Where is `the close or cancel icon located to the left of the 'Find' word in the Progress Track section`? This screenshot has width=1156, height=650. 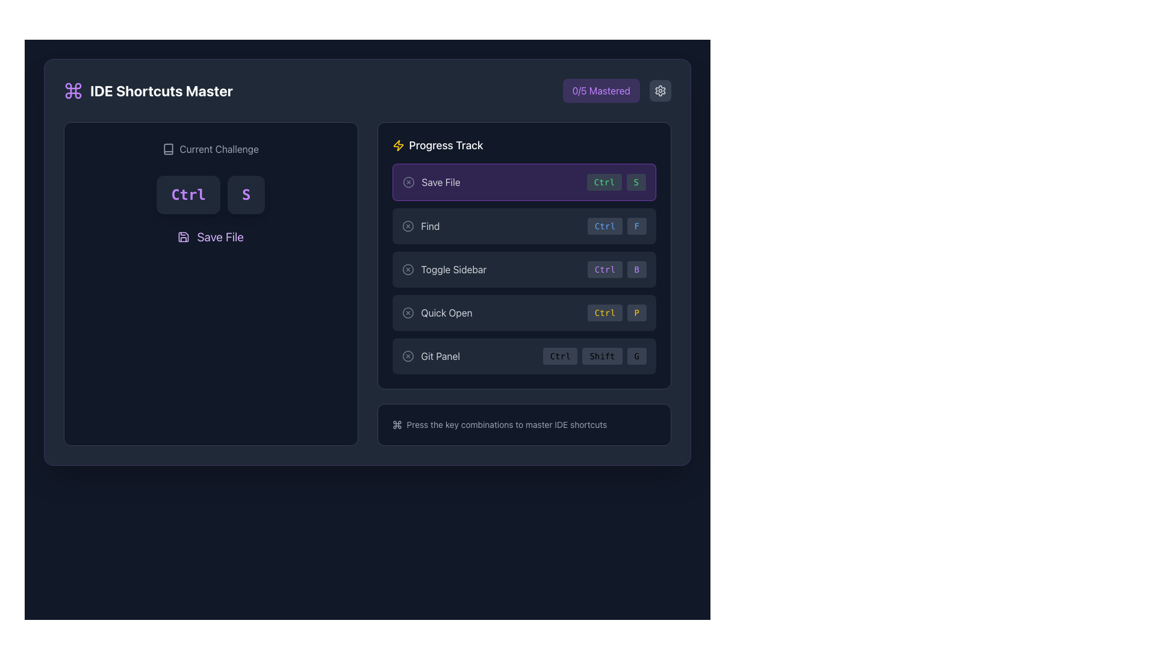 the close or cancel icon located to the left of the 'Find' word in the Progress Track section is located at coordinates (408, 226).